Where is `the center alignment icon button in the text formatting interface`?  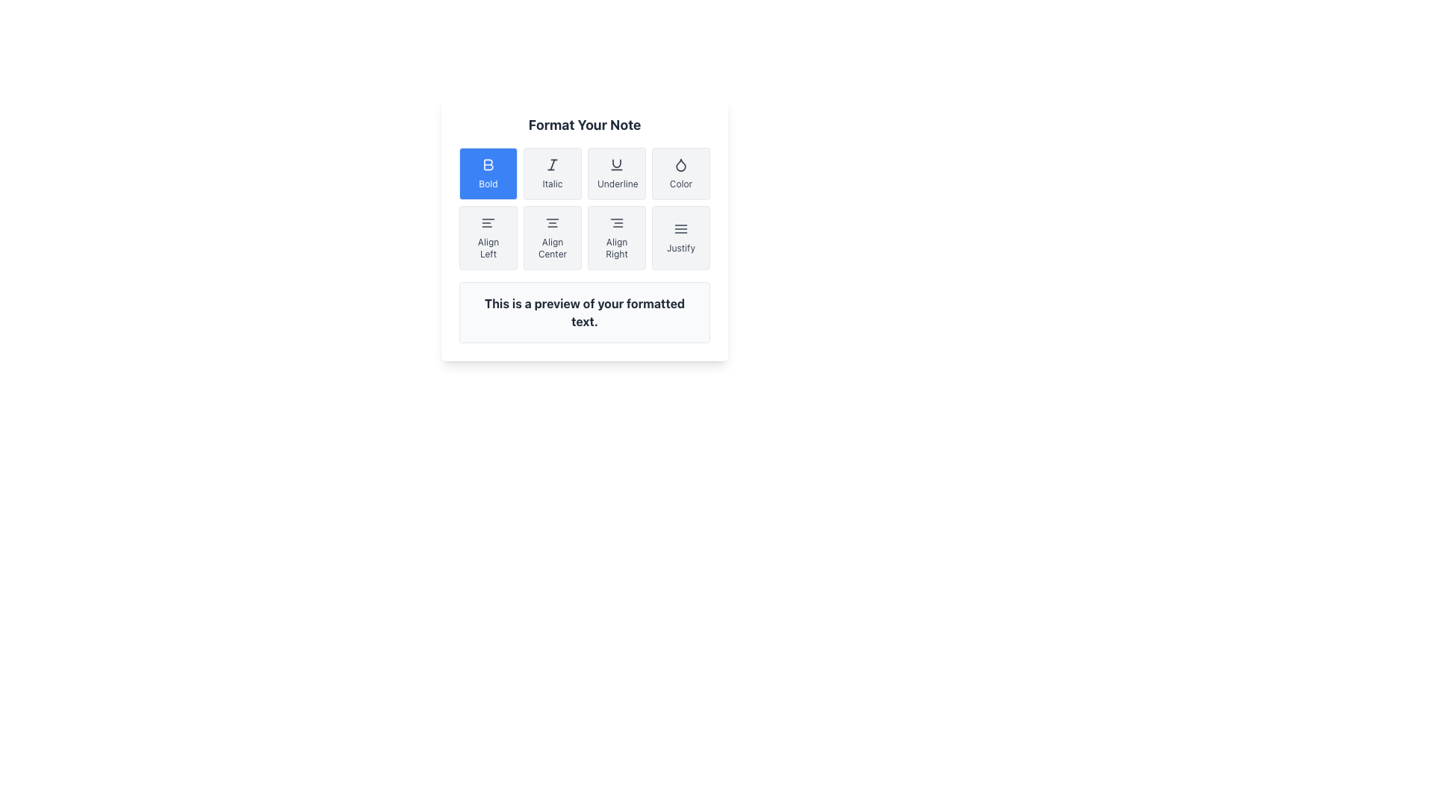
the center alignment icon button in the text formatting interface is located at coordinates (551, 223).